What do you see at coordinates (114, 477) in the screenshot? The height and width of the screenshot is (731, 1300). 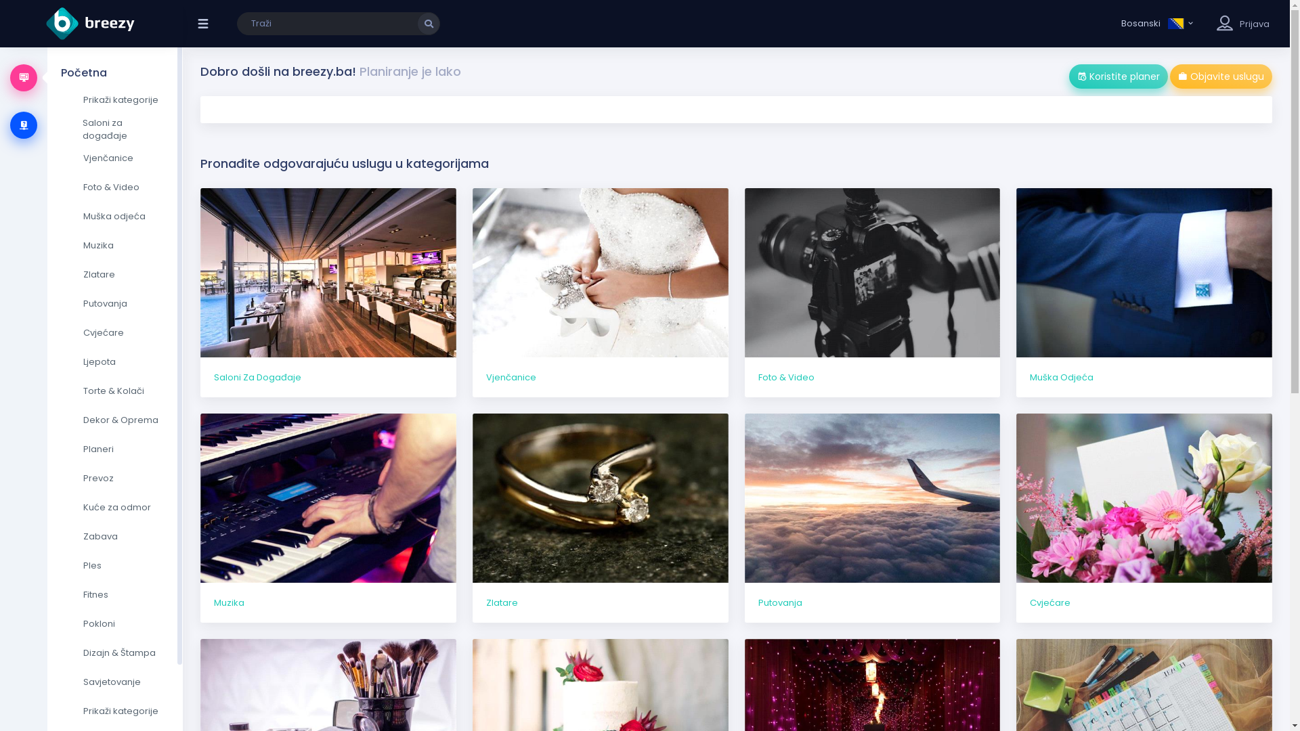 I see `'Prevoz'` at bounding box center [114, 477].